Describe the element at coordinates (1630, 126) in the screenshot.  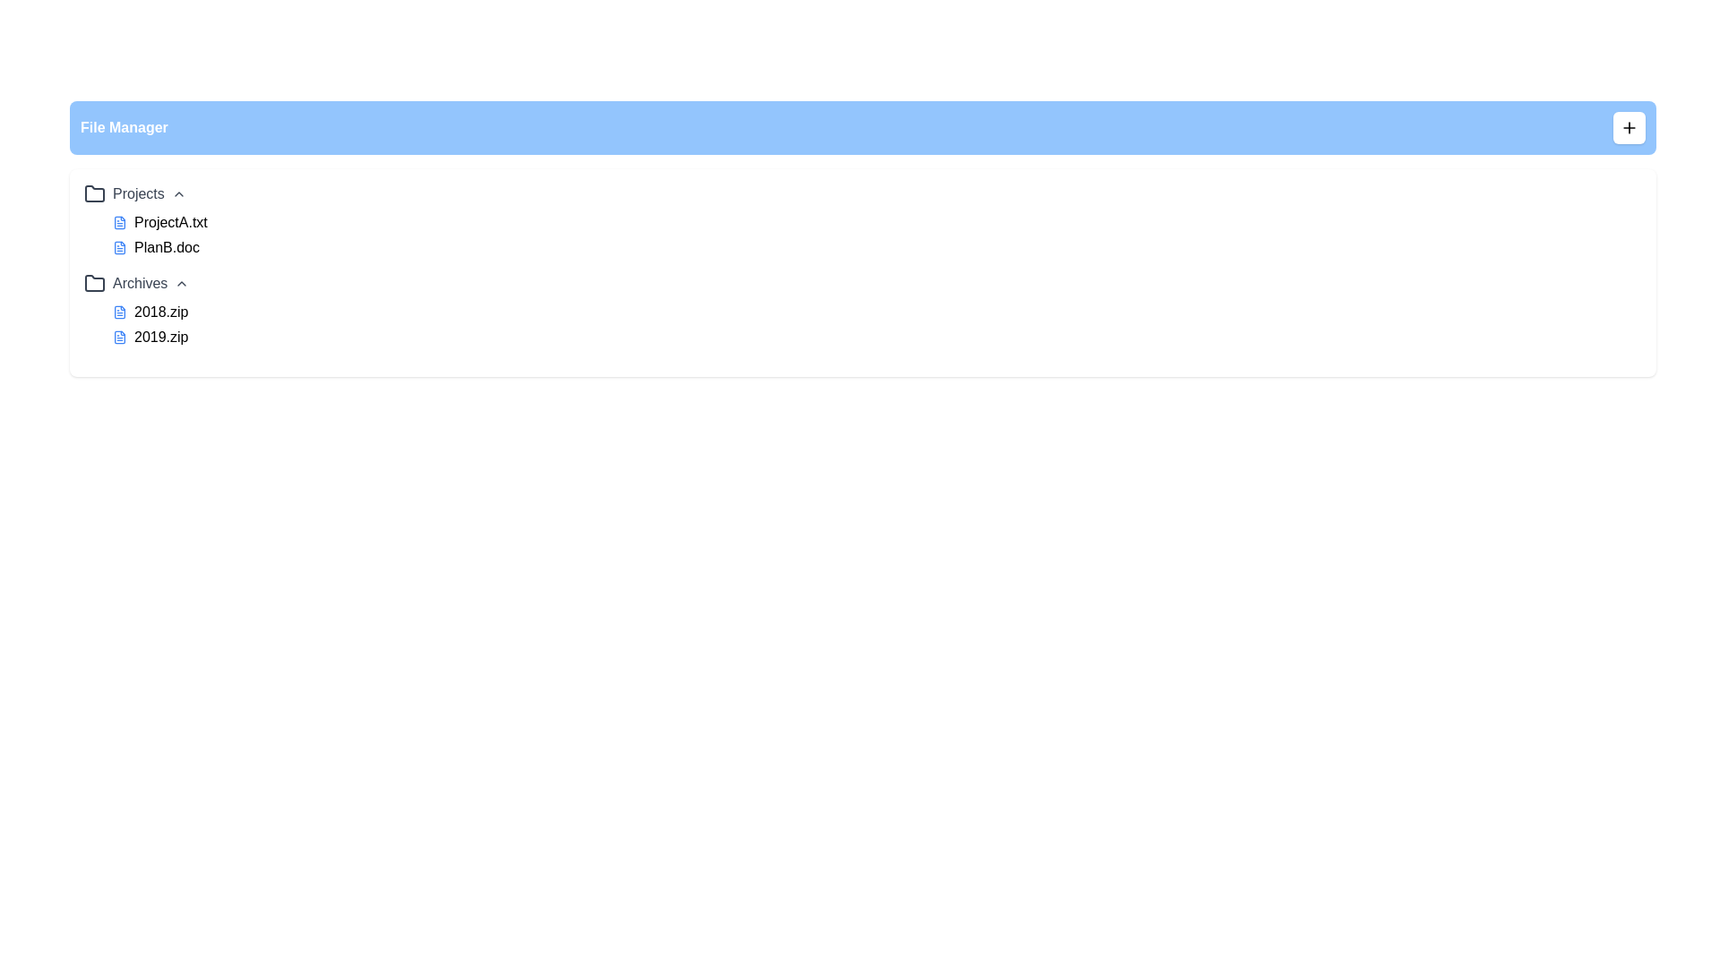
I see `the add item button icon located in the top-right corner of the blue header bar` at that location.